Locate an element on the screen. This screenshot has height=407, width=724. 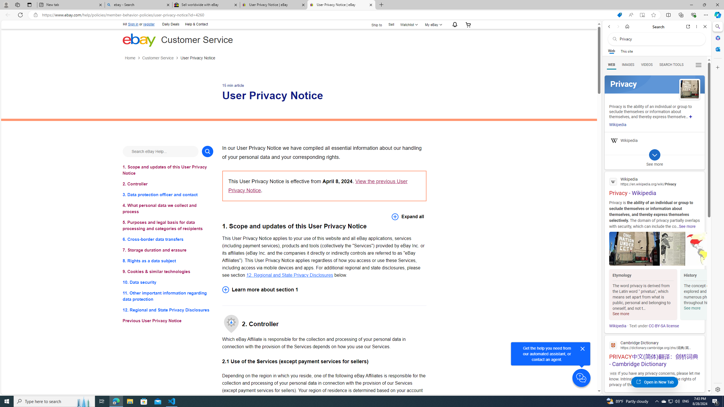
'CC-BY-SA license' is located at coordinates (664, 326).